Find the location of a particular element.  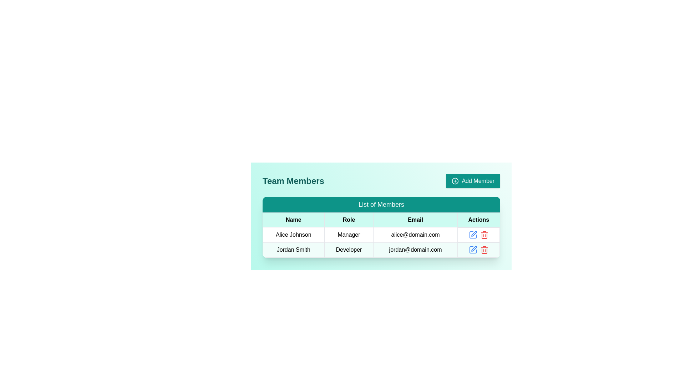

the 'Team Members' text label, which is styled in bold teal font and located in the header section, to the left of the 'Add Member' button is located at coordinates (293, 181).